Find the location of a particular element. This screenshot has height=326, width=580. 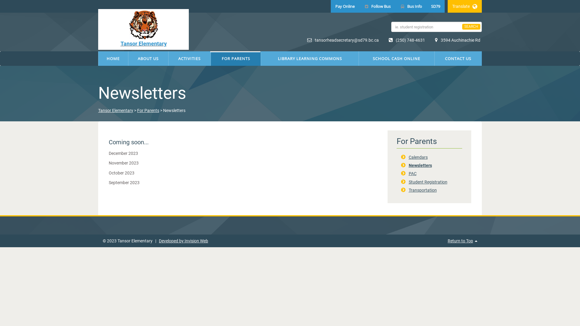

'CONTACT US' is located at coordinates (458, 58).